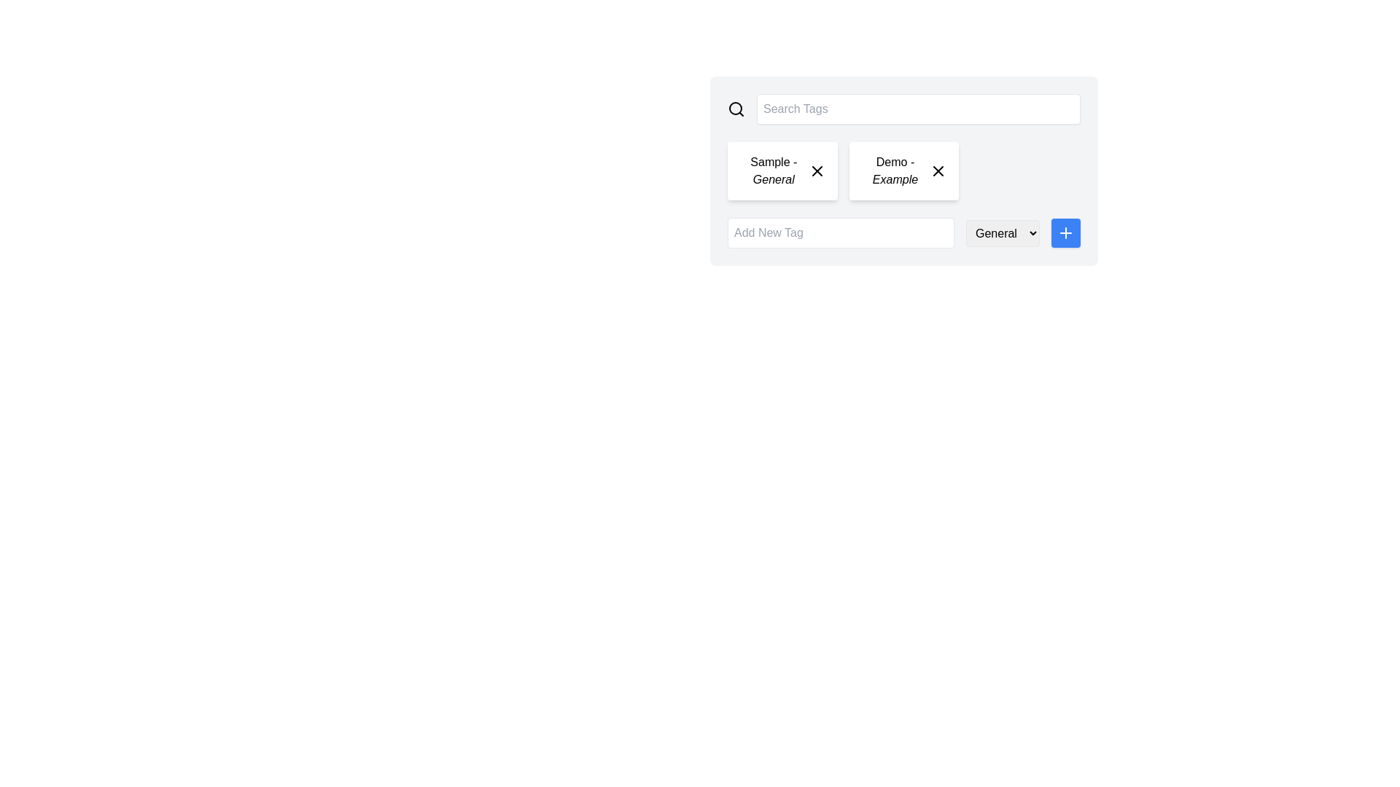  I want to click on the text label displaying 'Demo - Example', which is the second tag in a horizontal list of tags, located between 'Sample - General' and a close button 'X', so click(895, 171).